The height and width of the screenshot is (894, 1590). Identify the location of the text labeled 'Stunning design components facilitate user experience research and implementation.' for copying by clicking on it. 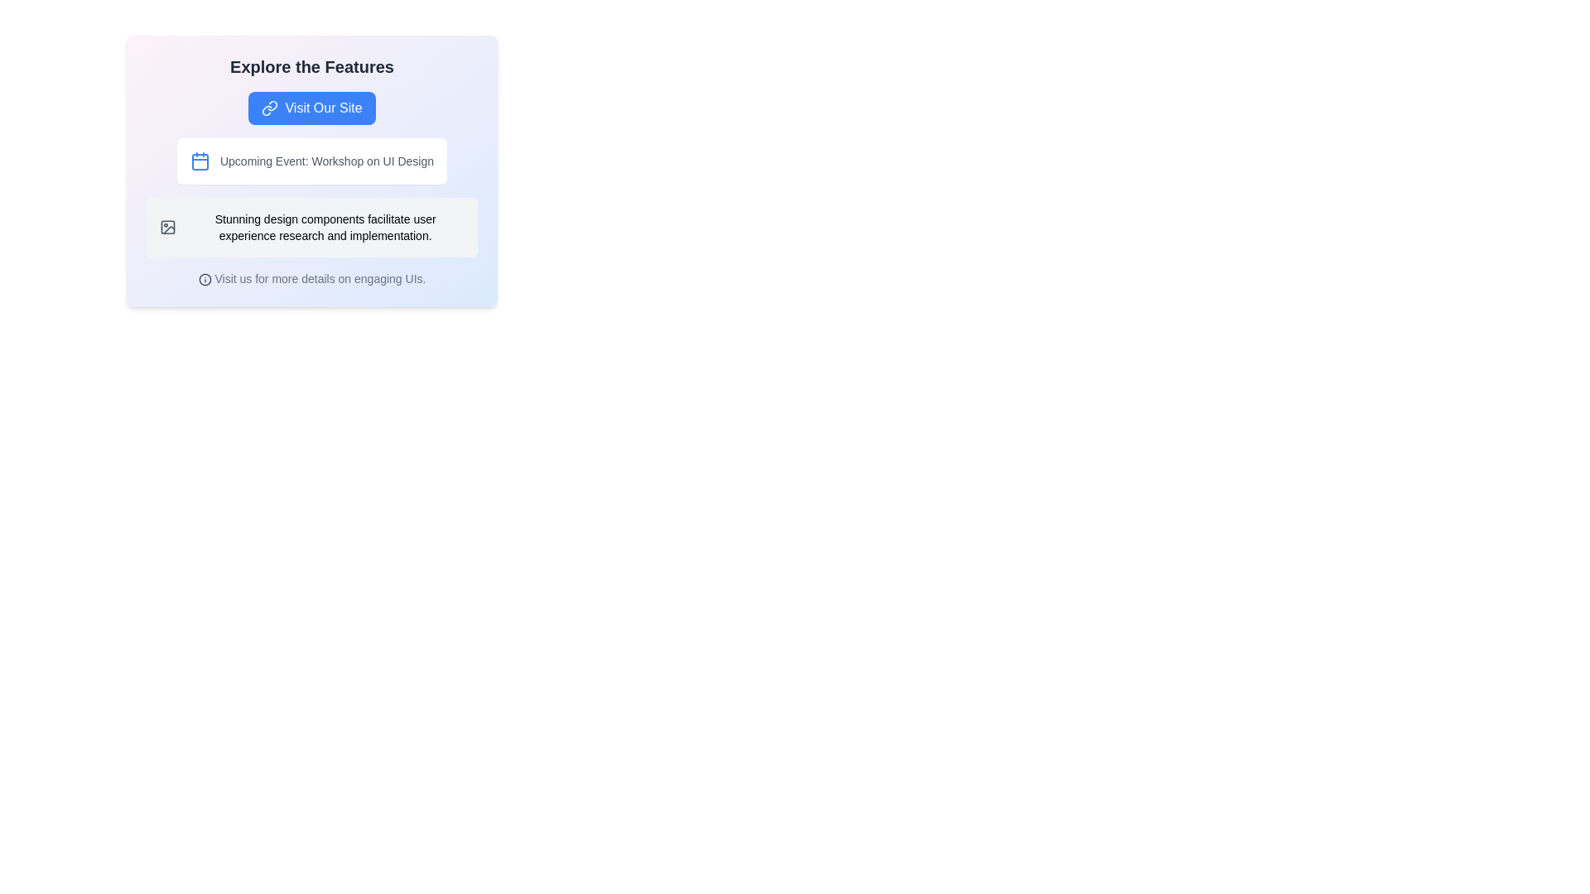
(325, 227).